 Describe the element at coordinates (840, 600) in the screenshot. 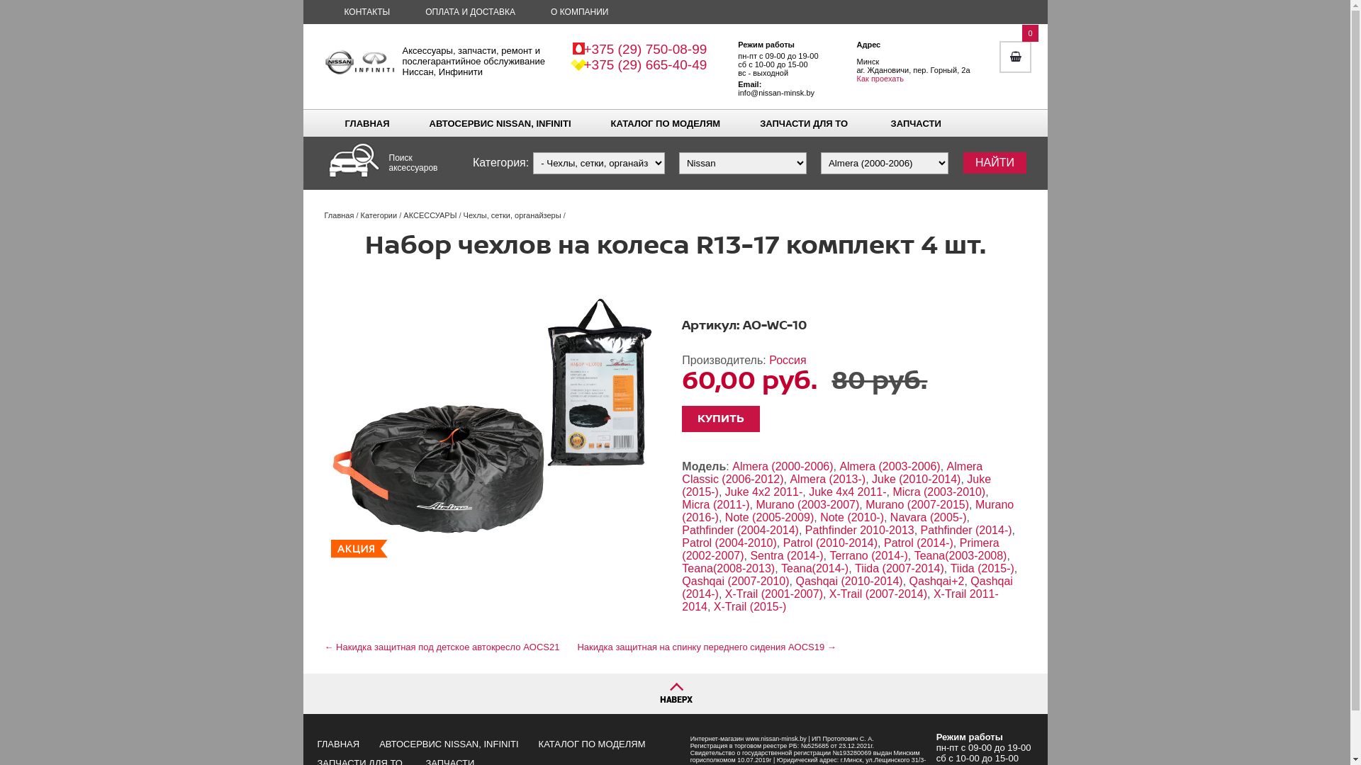

I see `'X-Trail 2011-2014'` at that location.